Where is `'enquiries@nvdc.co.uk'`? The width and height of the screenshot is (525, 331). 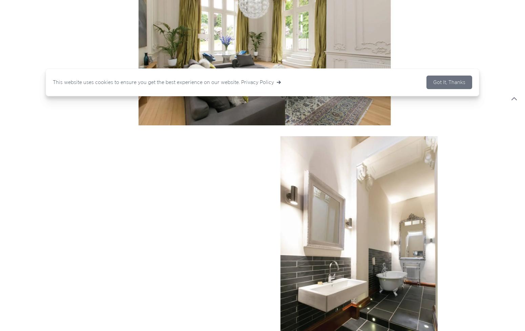 'enquiries@nvdc.co.uk' is located at coordinates (159, 188).